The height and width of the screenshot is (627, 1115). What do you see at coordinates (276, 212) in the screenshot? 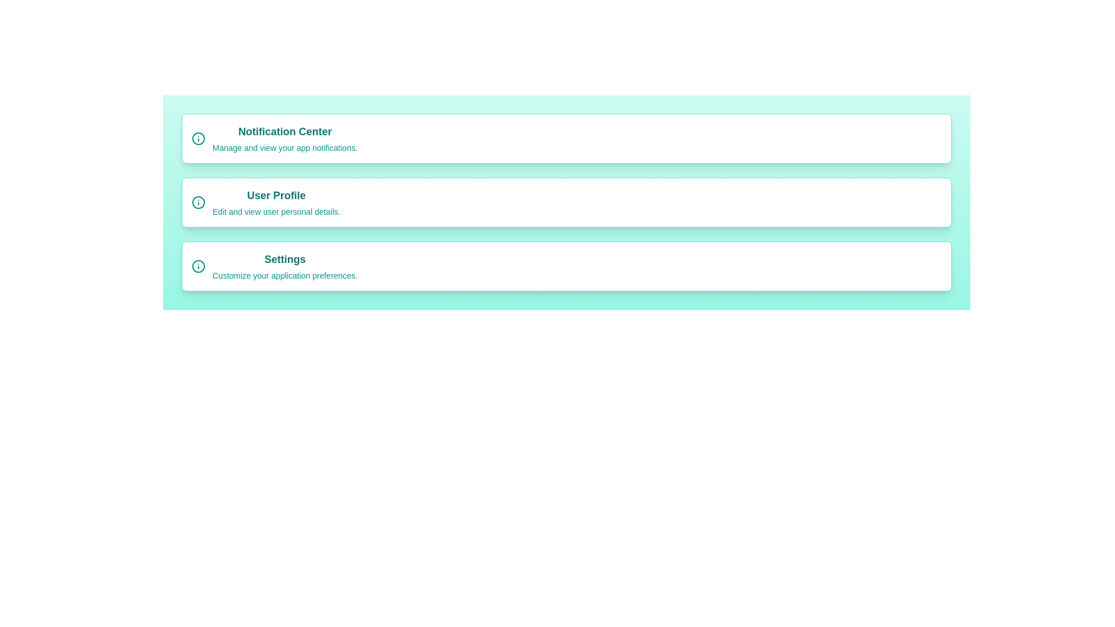
I see `the text label that reads 'Edit and view user personal details.' located under the 'User Profile' section` at bounding box center [276, 212].